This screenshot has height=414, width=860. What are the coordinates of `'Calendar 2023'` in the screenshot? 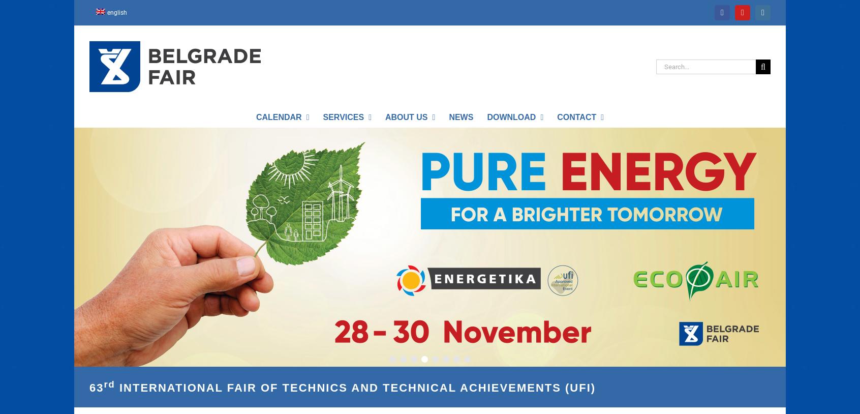 It's located at (282, 137).